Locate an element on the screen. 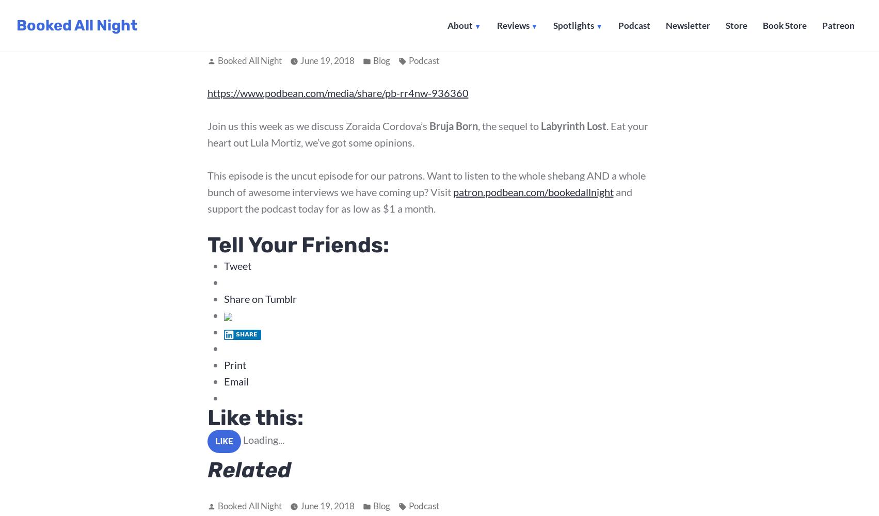 Image resolution: width=879 pixels, height=516 pixels. 'Join us this week as we discuss Zoraida Cordova’s' is located at coordinates (317, 125).